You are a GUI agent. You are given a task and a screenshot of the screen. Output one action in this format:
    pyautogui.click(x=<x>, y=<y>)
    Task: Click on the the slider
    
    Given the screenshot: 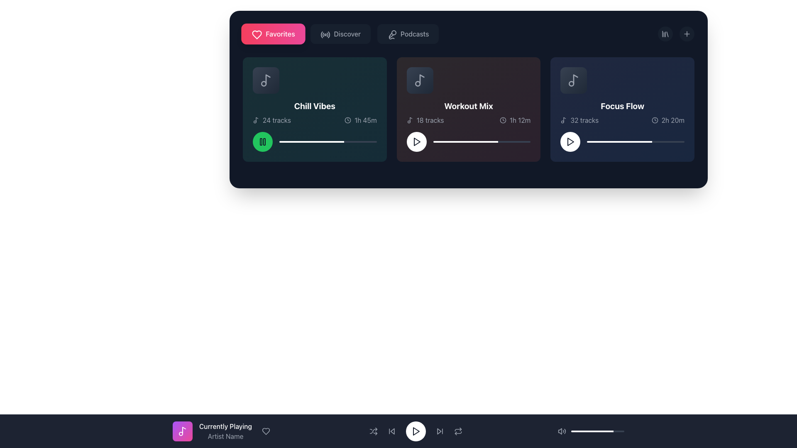 What is the action you would take?
    pyautogui.click(x=448, y=141)
    